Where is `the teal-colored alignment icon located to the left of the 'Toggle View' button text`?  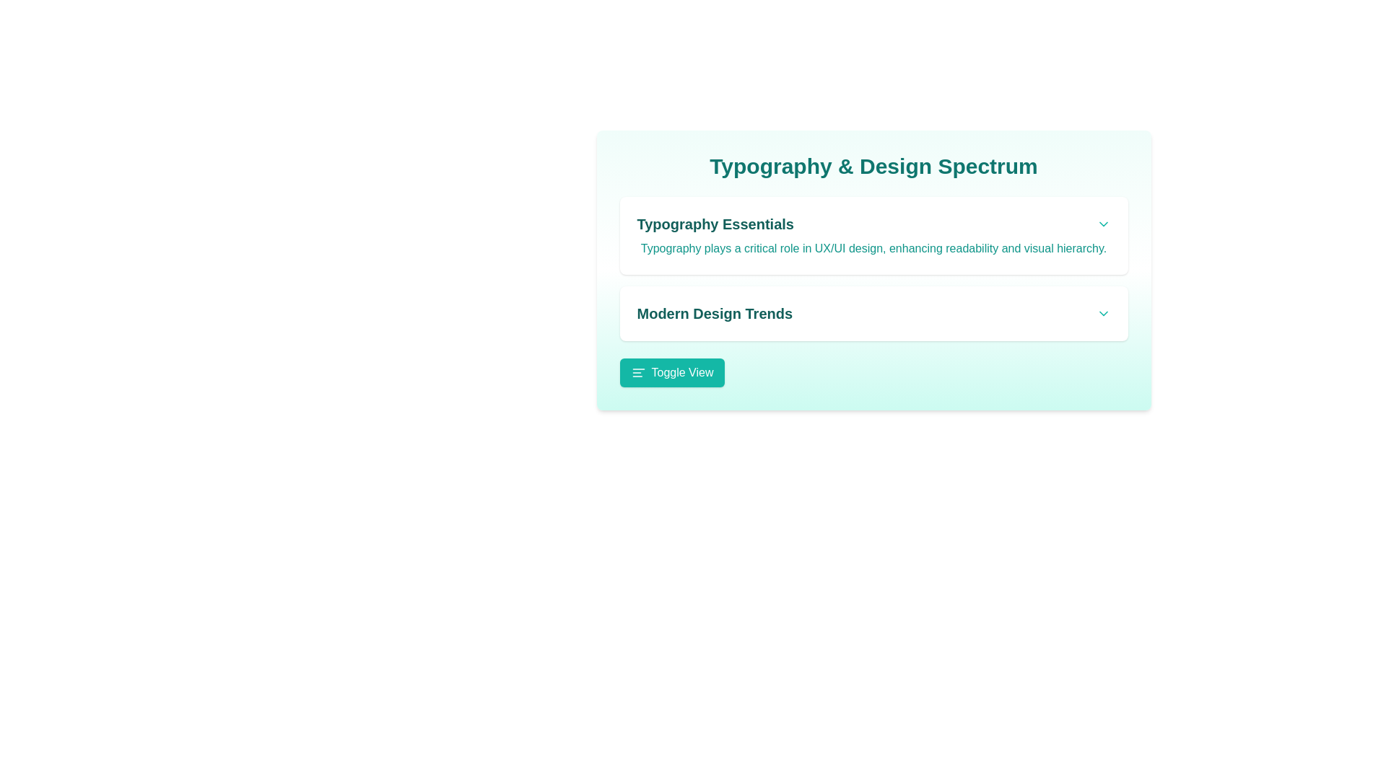 the teal-colored alignment icon located to the left of the 'Toggle View' button text is located at coordinates (637, 371).